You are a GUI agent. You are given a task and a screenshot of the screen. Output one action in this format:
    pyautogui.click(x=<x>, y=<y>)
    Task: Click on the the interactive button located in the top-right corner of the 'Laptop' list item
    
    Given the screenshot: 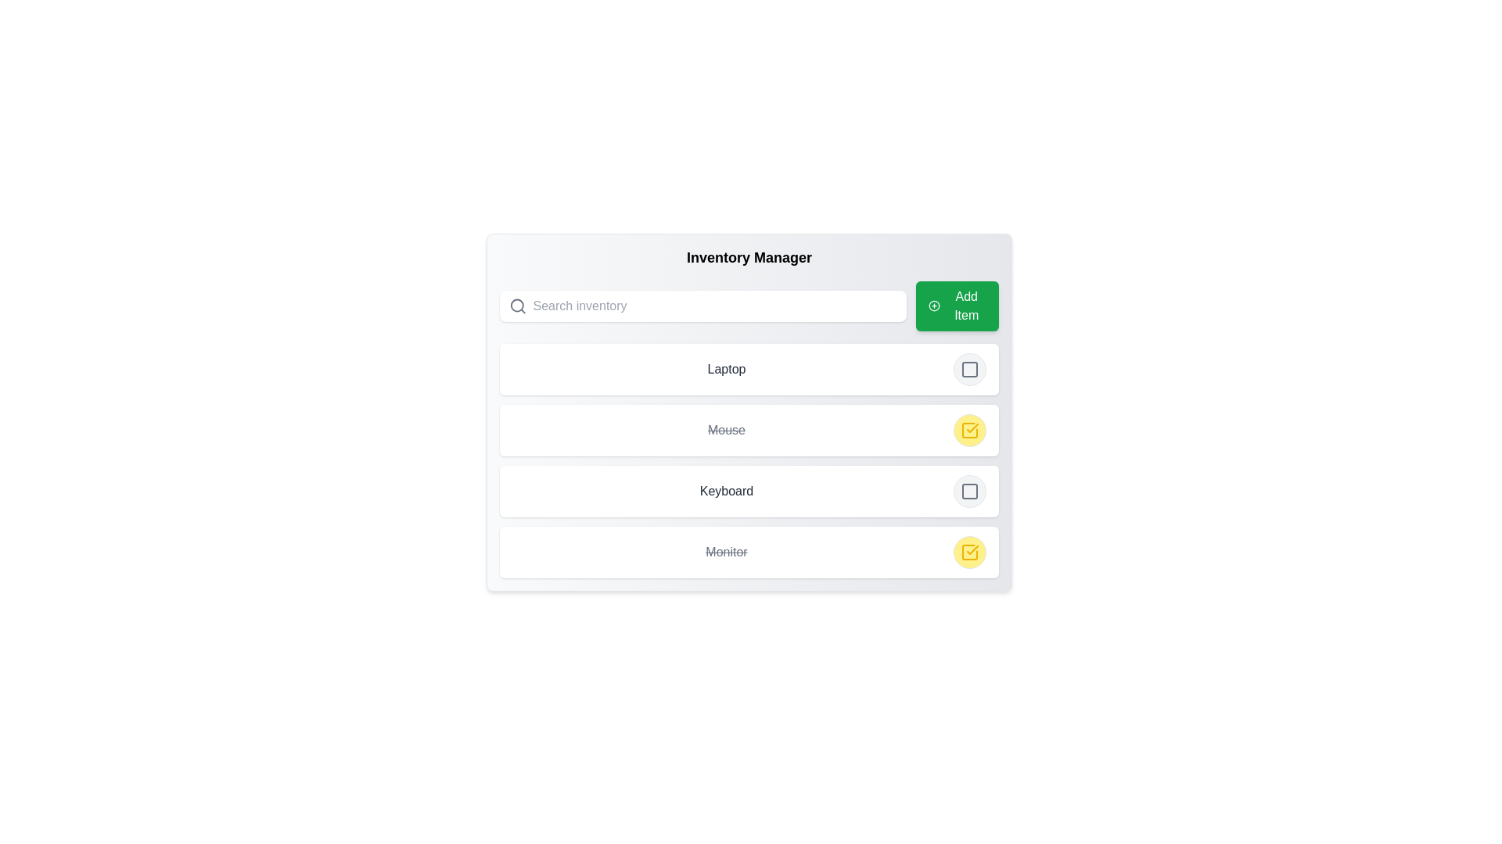 What is the action you would take?
    pyautogui.click(x=968, y=370)
    